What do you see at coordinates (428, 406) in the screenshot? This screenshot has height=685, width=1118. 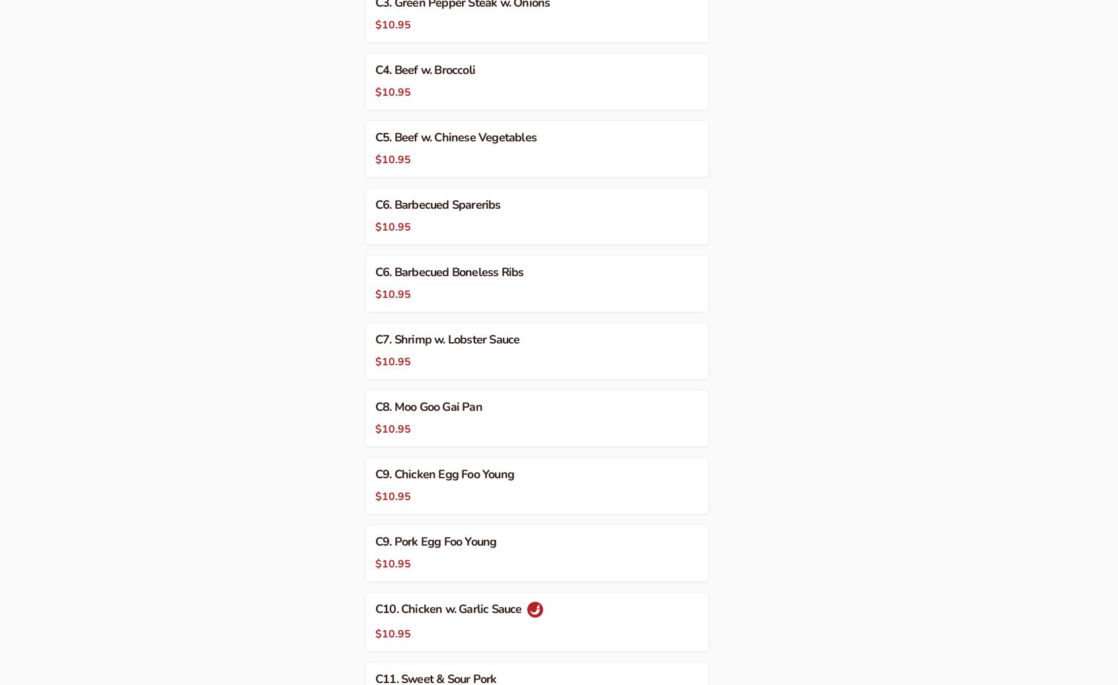 I see `'C8.  Moo Goo Gai Pan'` at bounding box center [428, 406].